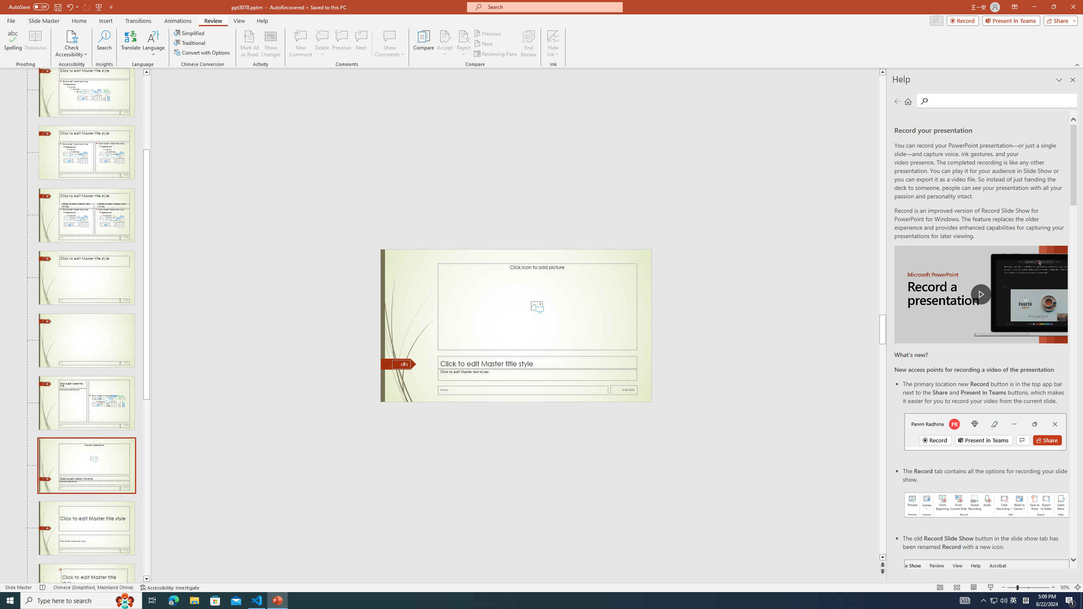 The image size is (1083, 609). What do you see at coordinates (401, 364) in the screenshot?
I see `'Slide Number'` at bounding box center [401, 364].